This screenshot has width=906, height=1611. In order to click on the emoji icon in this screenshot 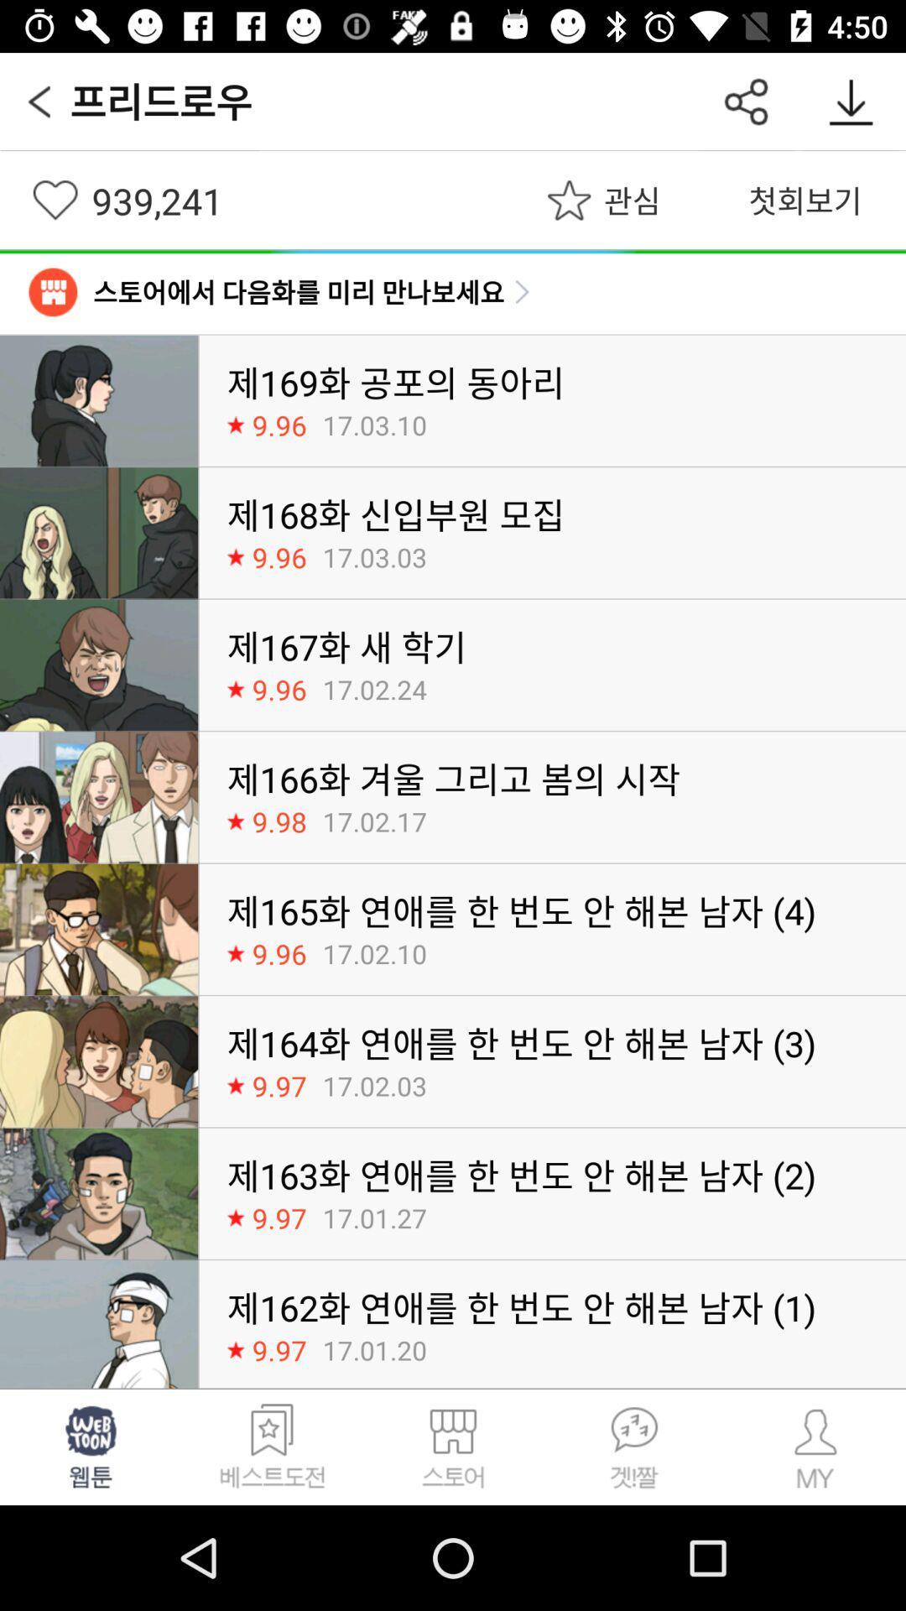, I will do `click(91, 1446)`.